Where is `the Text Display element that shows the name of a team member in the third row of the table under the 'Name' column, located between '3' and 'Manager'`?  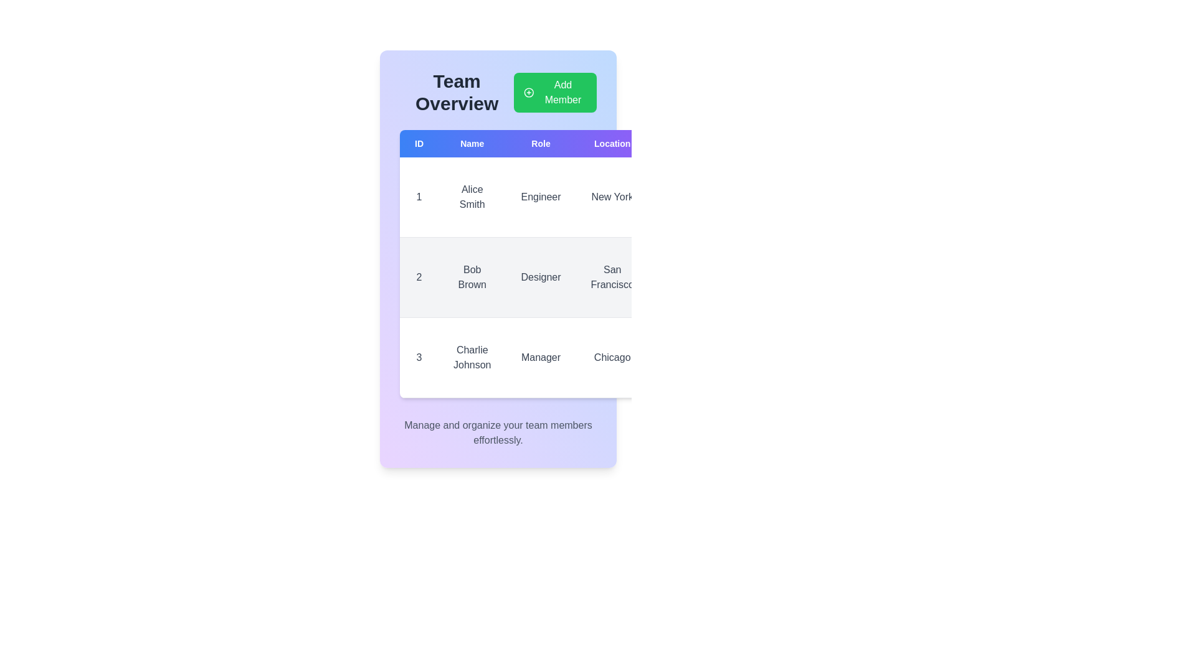 the Text Display element that shows the name of a team member in the third row of the table under the 'Name' column, located between '3' and 'Manager' is located at coordinates (472, 357).